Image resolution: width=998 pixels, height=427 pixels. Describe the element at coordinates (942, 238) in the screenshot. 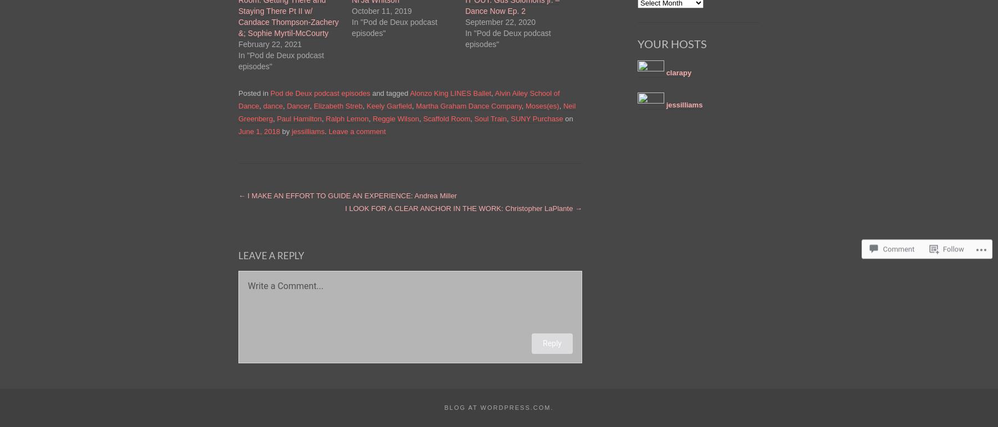

I see `'Follow'` at that location.